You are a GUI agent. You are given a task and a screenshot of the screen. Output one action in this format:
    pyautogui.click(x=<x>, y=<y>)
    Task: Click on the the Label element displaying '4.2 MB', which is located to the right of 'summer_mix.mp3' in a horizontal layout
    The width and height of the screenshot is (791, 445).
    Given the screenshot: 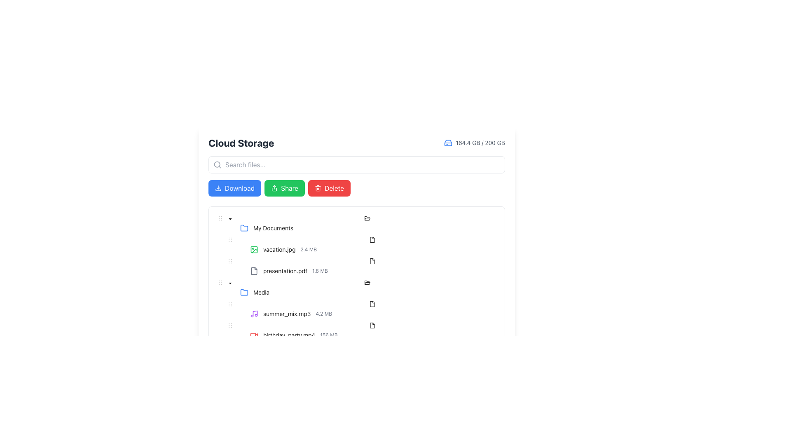 What is the action you would take?
    pyautogui.click(x=323, y=314)
    